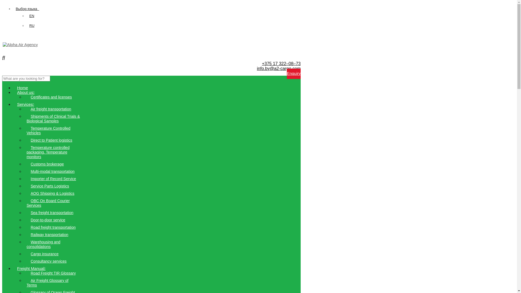 The image size is (521, 293). What do you see at coordinates (26, 282) in the screenshot?
I see `'Air Freight Glossary of Terms'` at bounding box center [26, 282].